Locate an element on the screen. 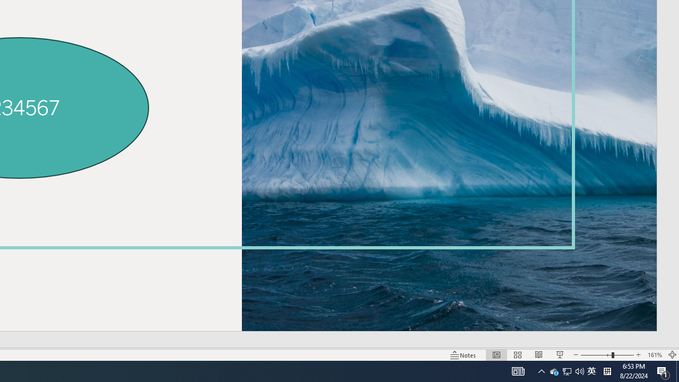 The image size is (679, 382). 'Zoom 161%' is located at coordinates (654, 355).